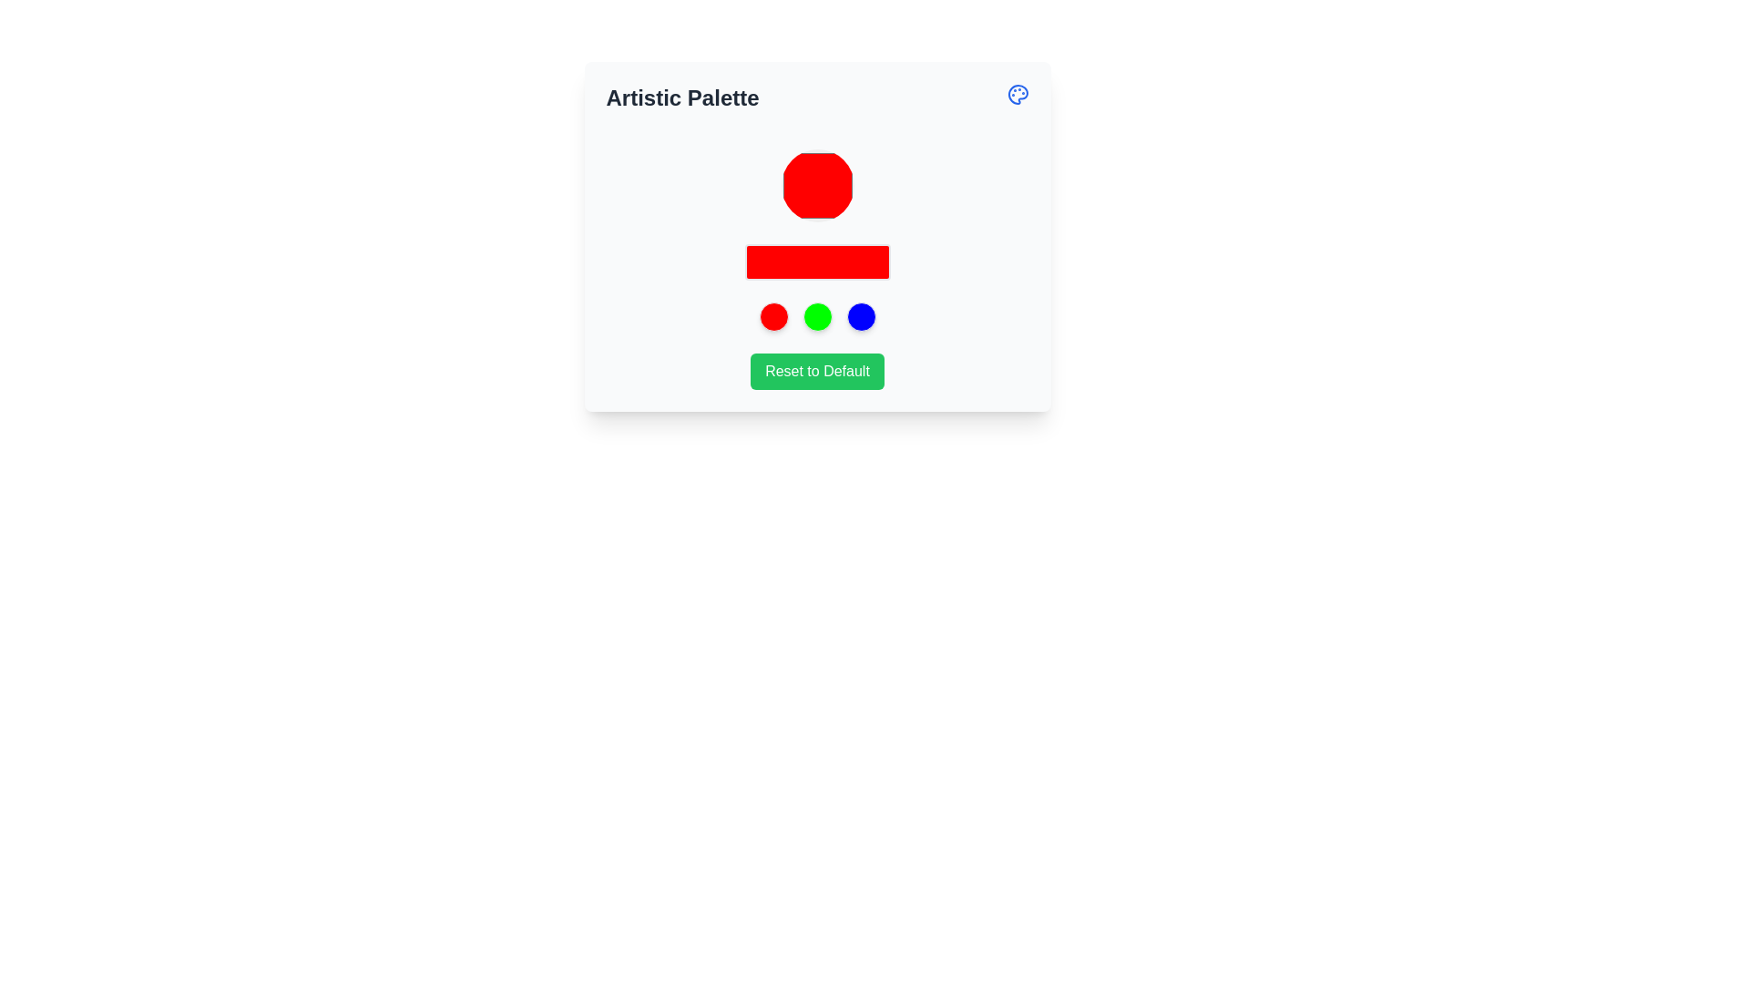 This screenshot has width=1749, height=984. I want to click on header text located at the top-left section of the card-like area, which serves as the title for the surrounding content, so click(681, 98).